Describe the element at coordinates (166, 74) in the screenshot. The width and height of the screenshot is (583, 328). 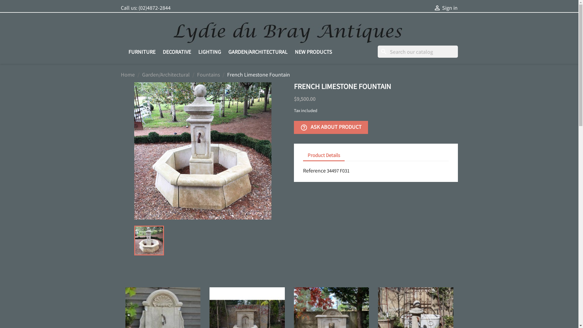
I see `'Garden/Architectural'` at that location.